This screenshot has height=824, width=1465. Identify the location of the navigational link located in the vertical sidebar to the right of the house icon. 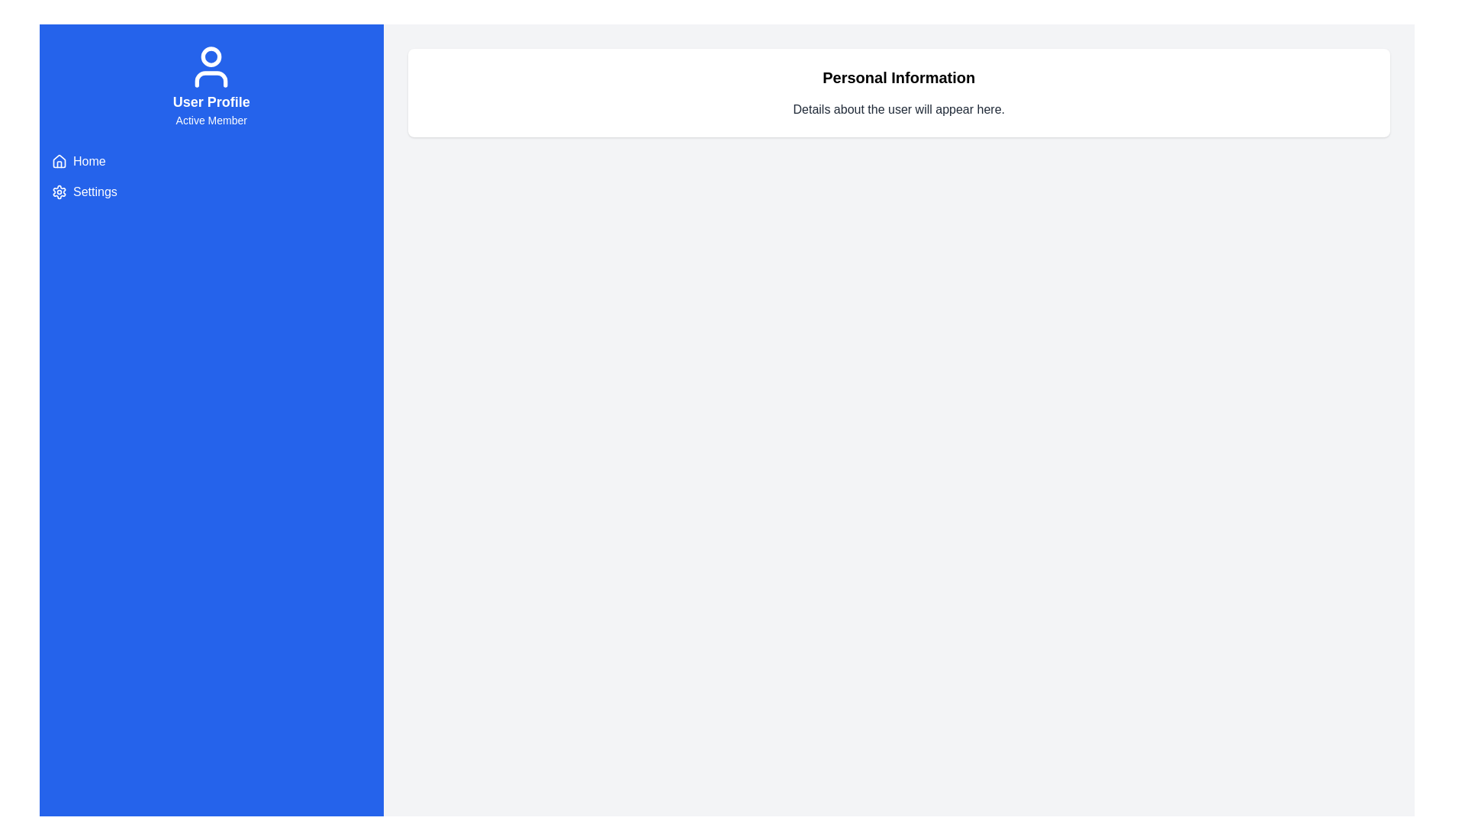
(89, 162).